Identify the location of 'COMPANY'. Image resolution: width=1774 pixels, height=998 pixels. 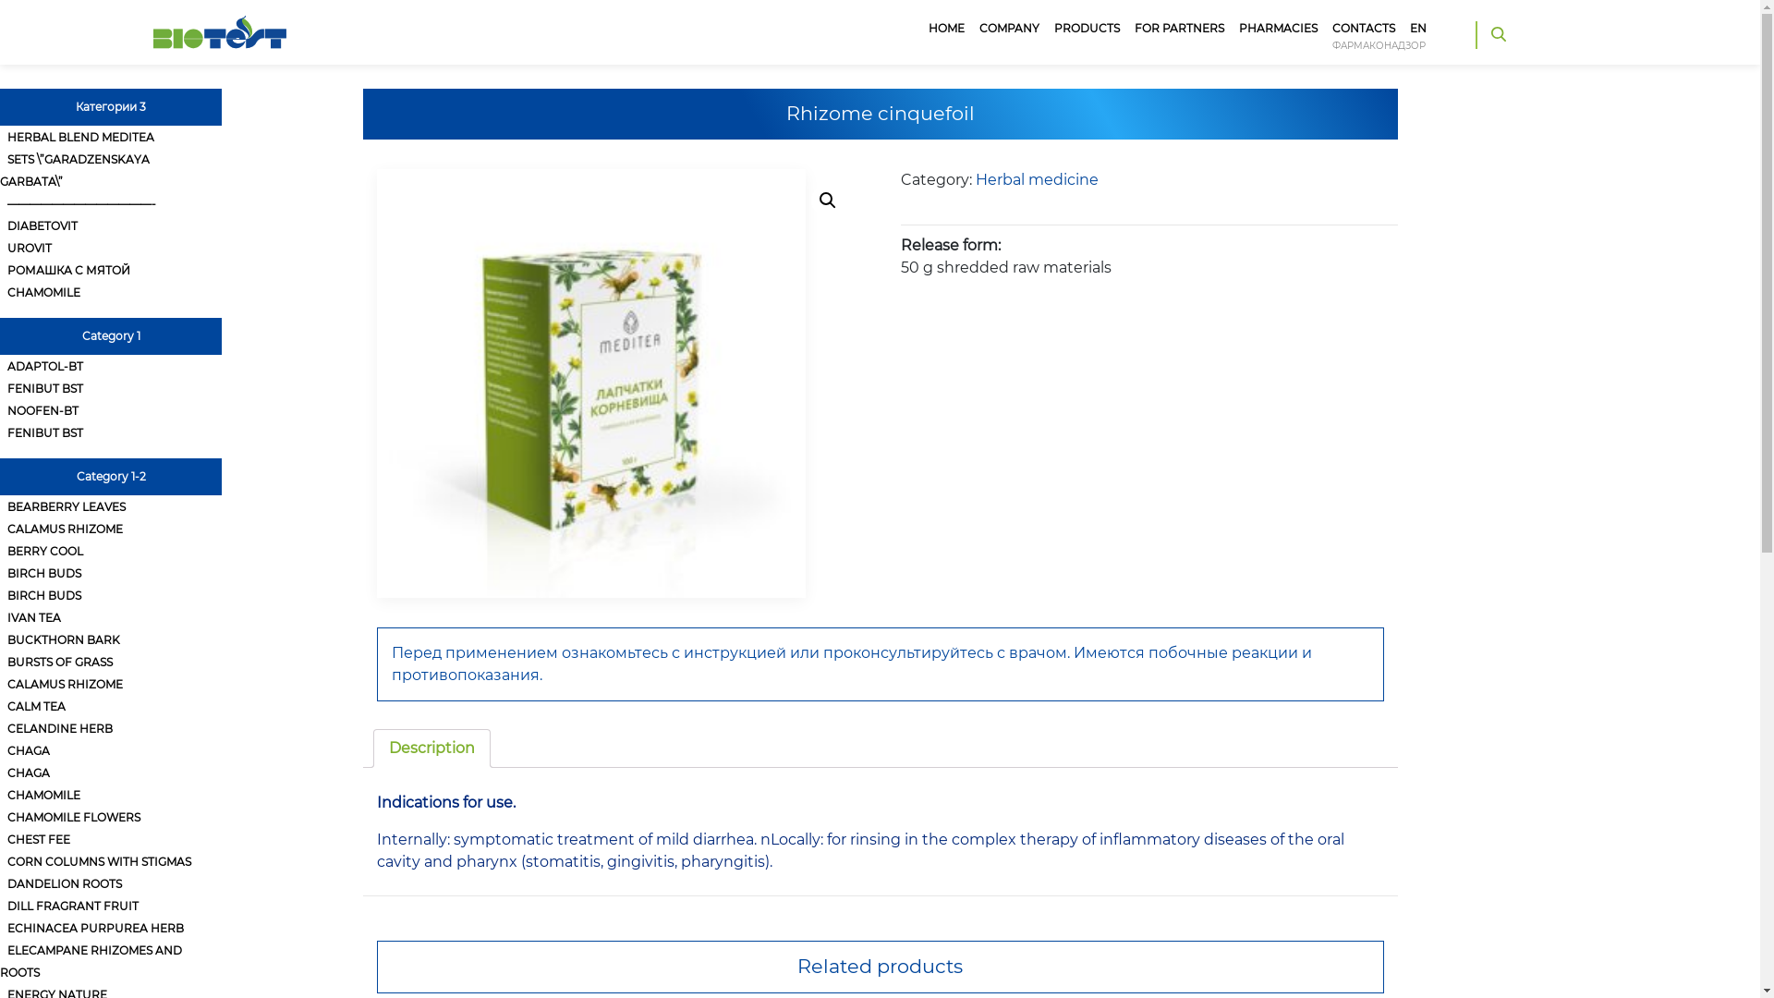
(970, 28).